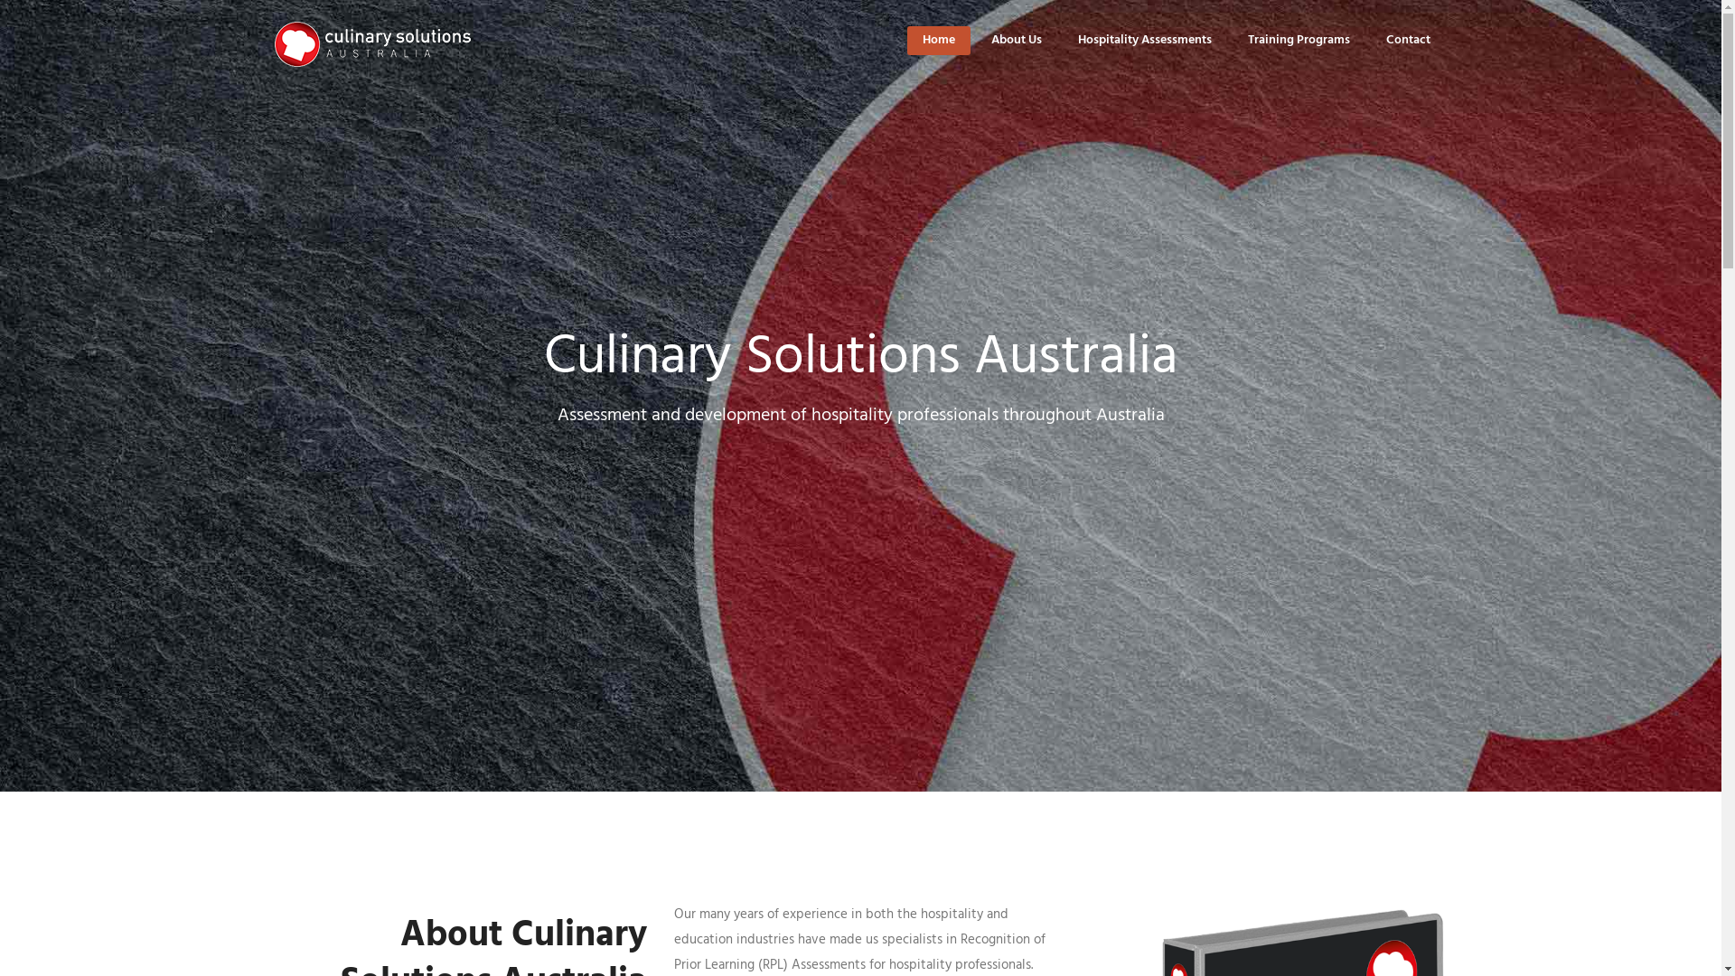  Describe the element at coordinates (937, 40) in the screenshot. I see `'Home'` at that location.